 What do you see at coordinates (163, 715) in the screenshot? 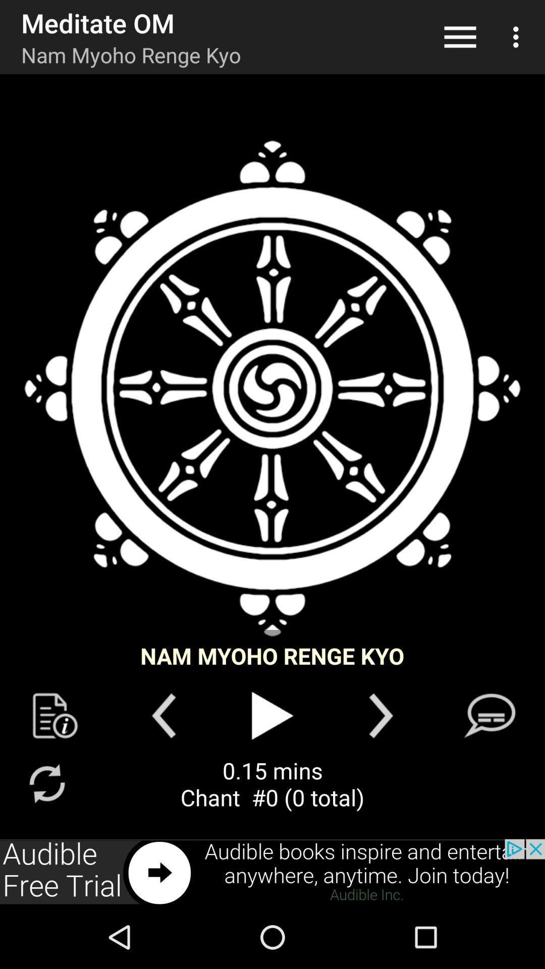
I see `go back` at bounding box center [163, 715].